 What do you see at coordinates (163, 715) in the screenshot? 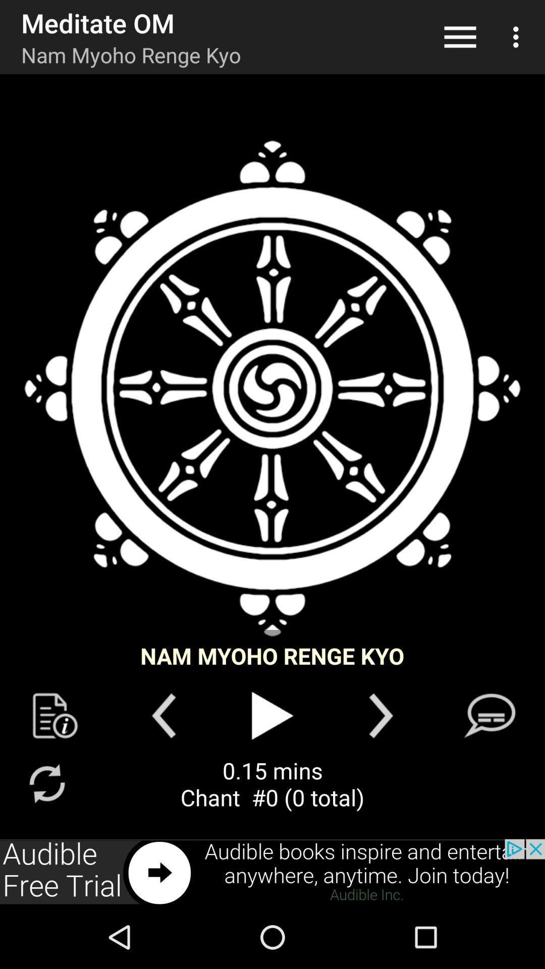
I see `go back` at bounding box center [163, 715].